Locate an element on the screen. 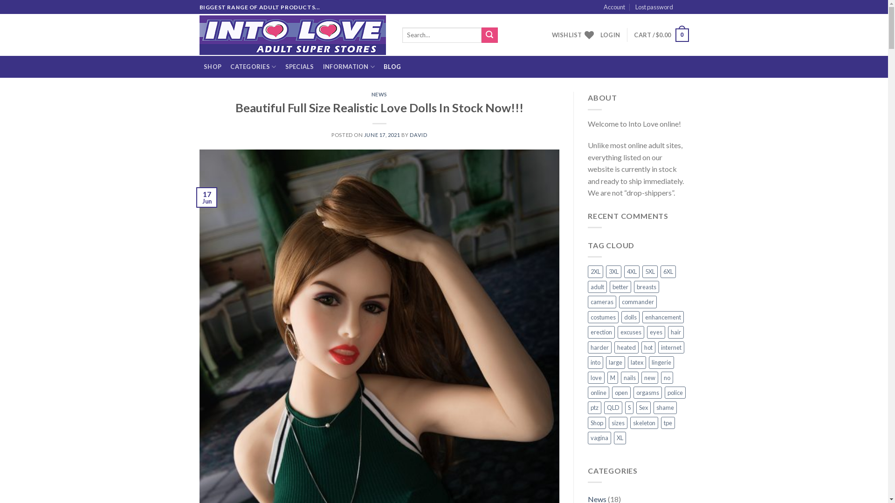 This screenshot has height=503, width=895. 'cameras' is located at coordinates (602, 302).